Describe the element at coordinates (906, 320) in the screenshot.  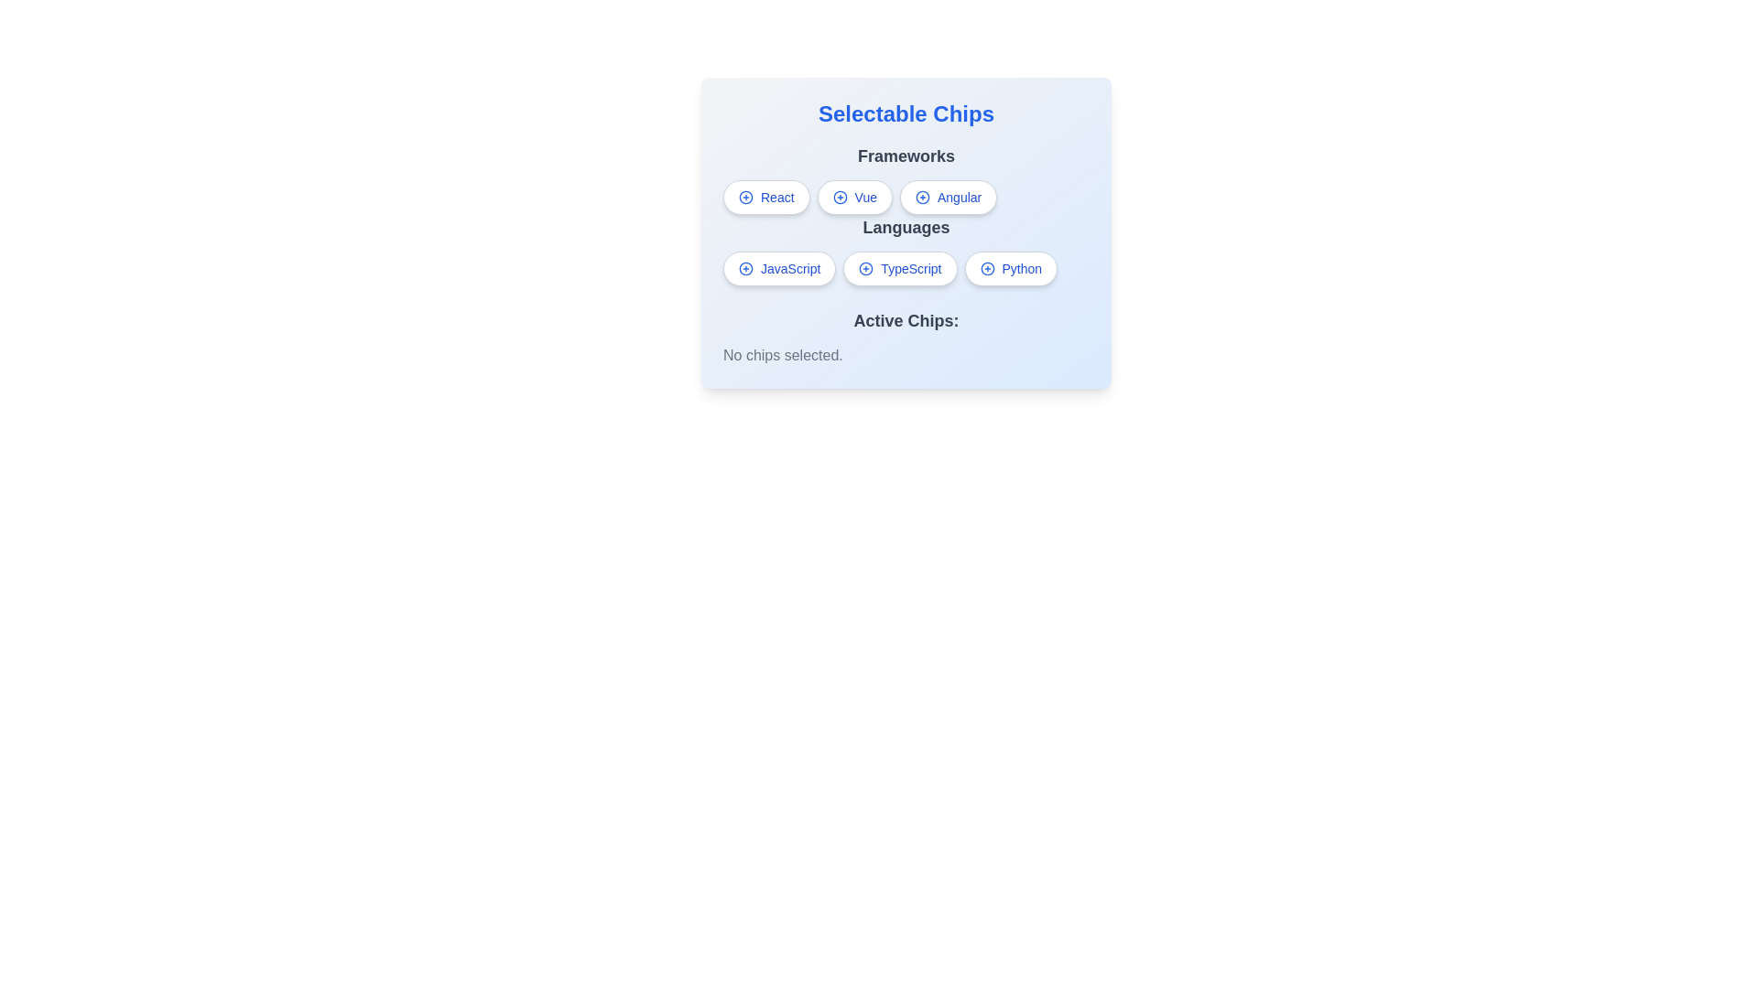
I see `the static text label that displays 'Active Chips:' which is styled in a bold, larger font and appears in a grayish tone, serving as a heading for active chip selections` at that location.